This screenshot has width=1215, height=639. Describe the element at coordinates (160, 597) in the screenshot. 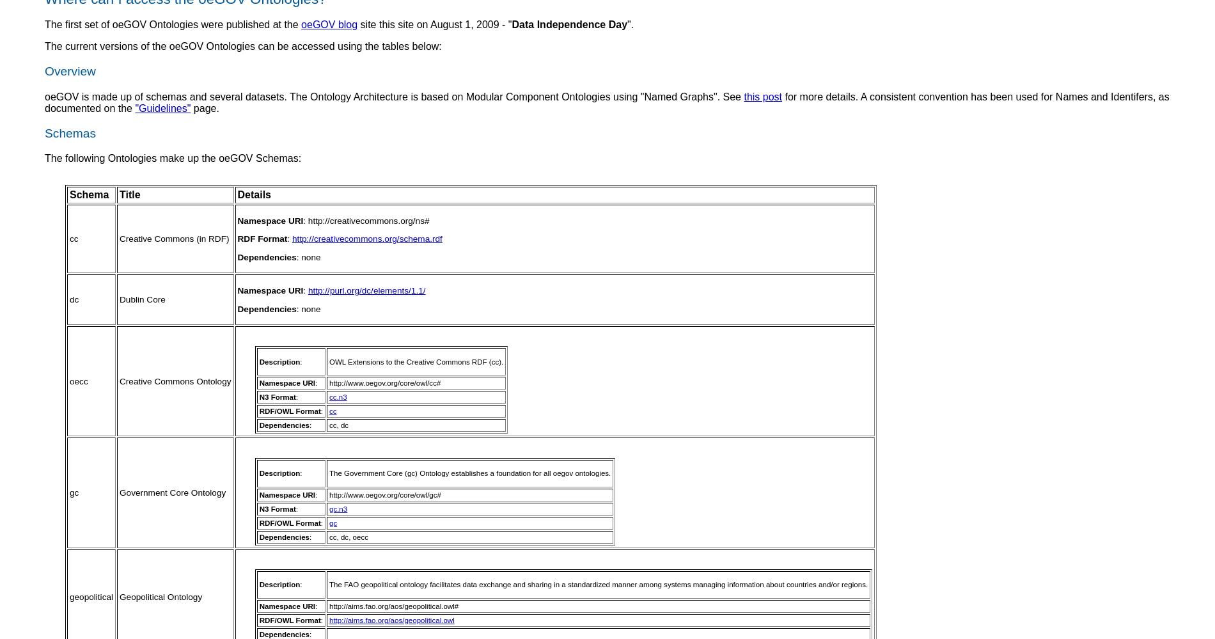

I see `'Geopolitical Ontology'` at that location.